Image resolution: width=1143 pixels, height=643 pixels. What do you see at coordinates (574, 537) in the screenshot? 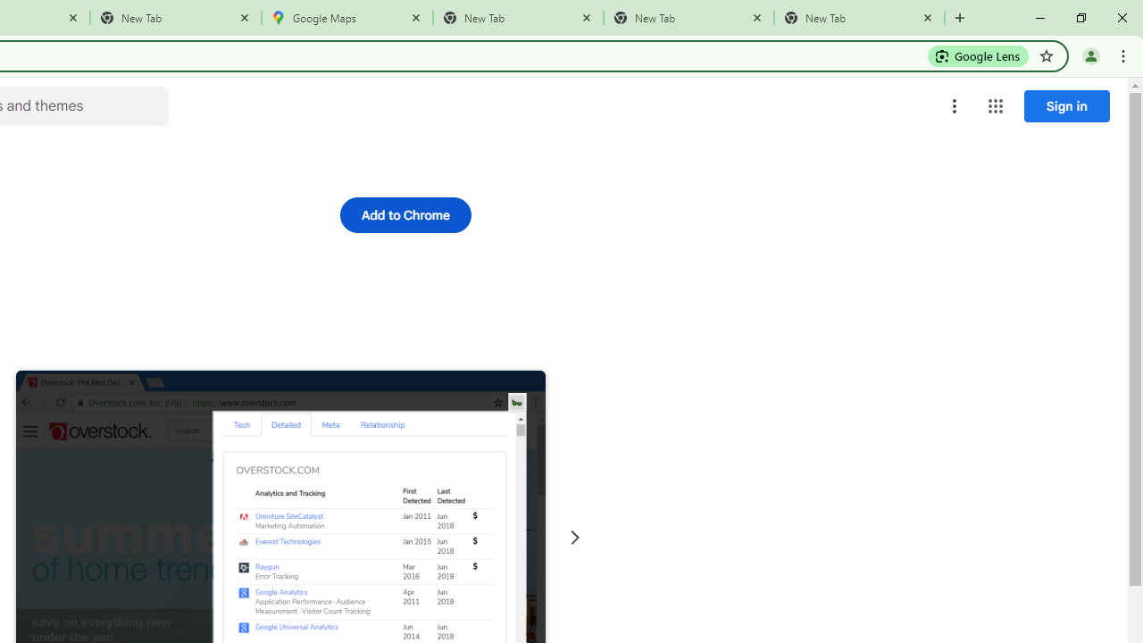
I see `'Next slide'` at bounding box center [574, 537].